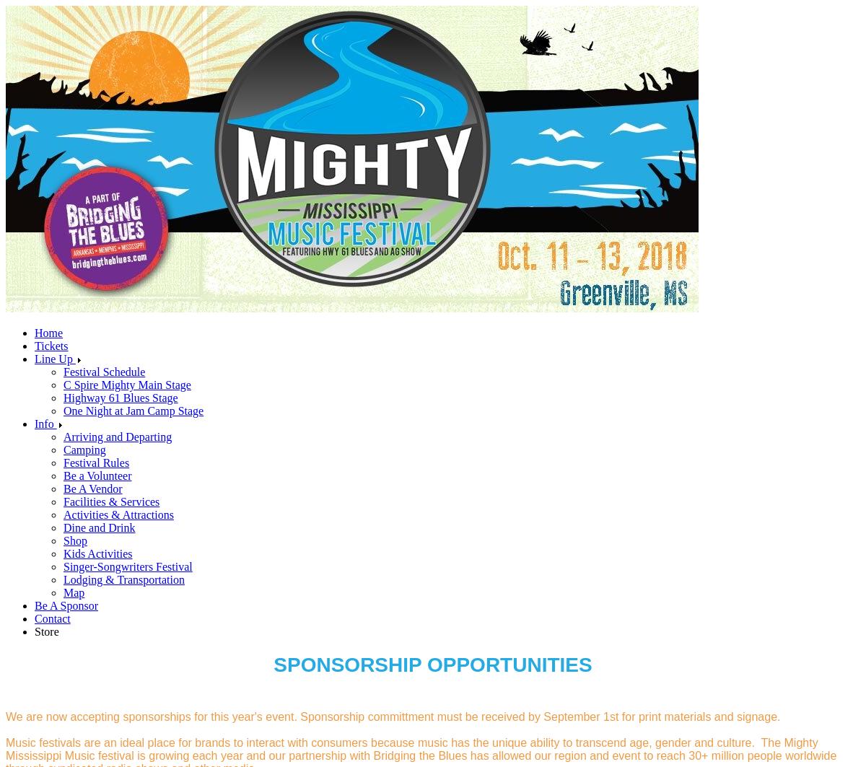 This screenshot has width=866, height=767. What do you see at coordinates (392, 716) in the screenshot?
I see `'We are now accepting sponsorships for this year's event. Sponsorship committment must be received by September 1st for print materials and signage.'` at bounding box center [392, 716].